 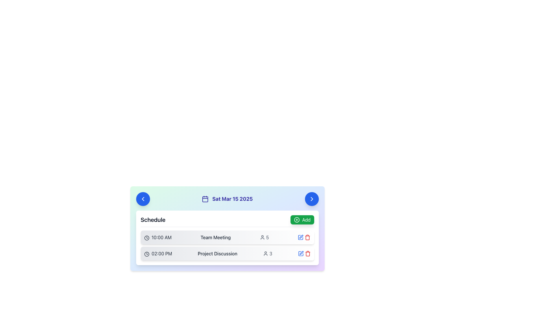 I want to click on the SVG icon representing a user or person, which is located next to the number '5' in the 'Team Meeting' row of the schedule, so click(x=262, y=237).